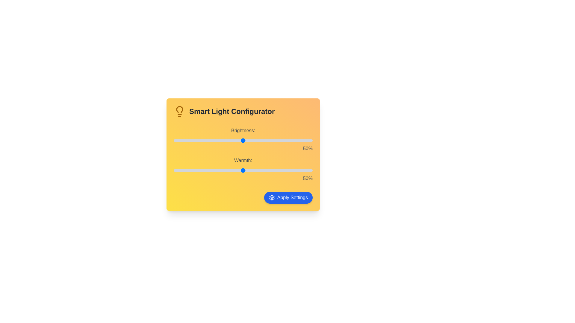 Image resolution: width=575 pixels, height=323 pixels. What do you see at coordinates (251, 141) in the screenshot?
I see `the brightness` at bounding box center [251, 141].